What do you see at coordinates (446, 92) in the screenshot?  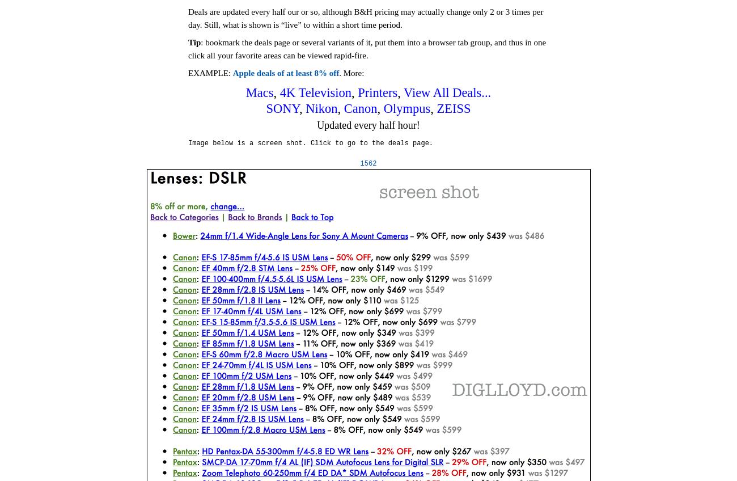 I see `'View All Deals...'` at bounding box center [446, 92].